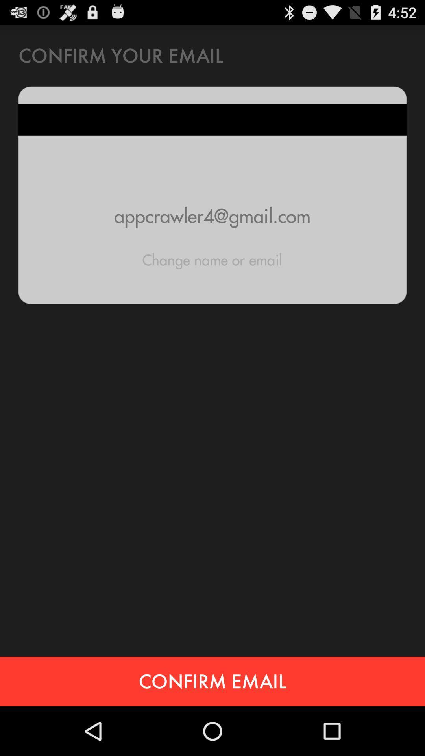  Describe the element at coordinates (213, 216) in the screenshot. I see `appcrawler4@gmail.com` at that location.